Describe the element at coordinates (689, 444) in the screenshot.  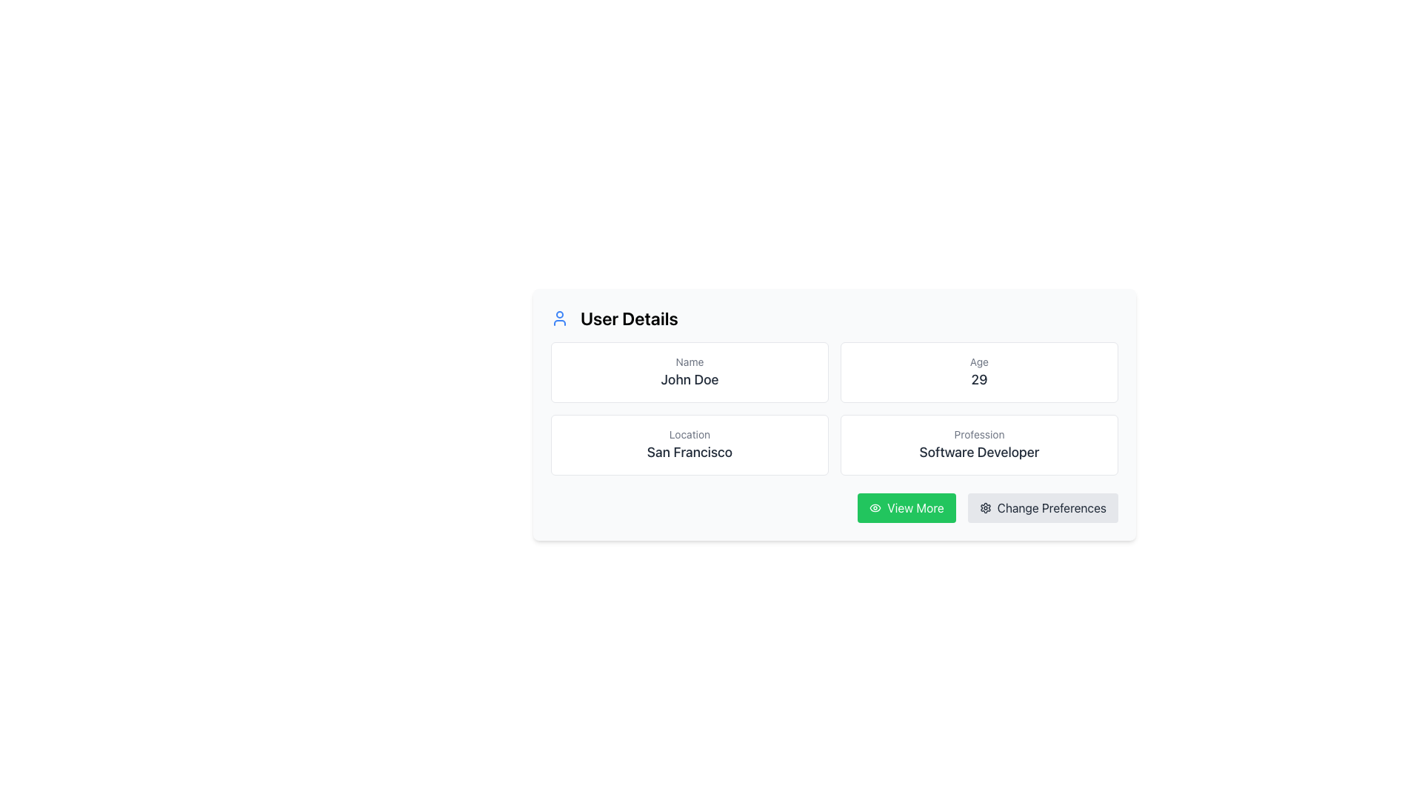
I see `the Static Information Card displaying 'Location' and 'San Francisco' in a grid layout` at that location.